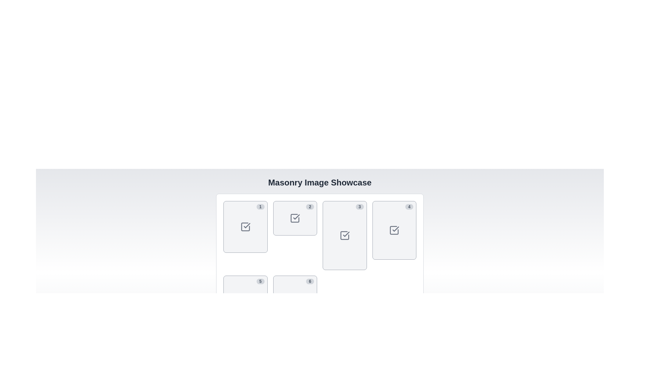 The height and width of the screenshot is (373, 664). What do you see at coordinates (360, 206) in the screenshot?
I see `the small badge with a rounded rectangular shape displaying the number '3' in dark gray text, located in the top-right corner of a card-like component` at bounding box center [360, 206].